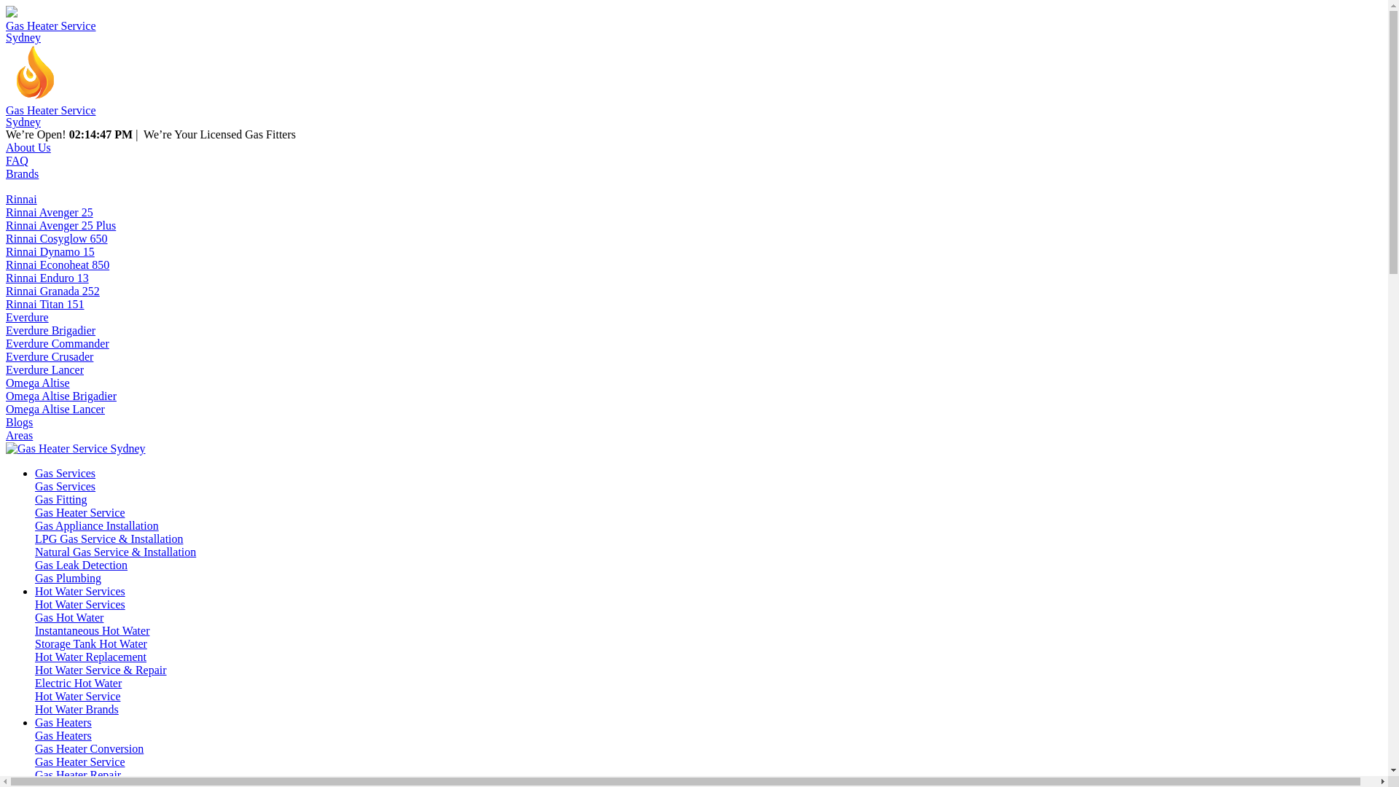  I want to click on 'Gas Heaters', so click(62, 722).